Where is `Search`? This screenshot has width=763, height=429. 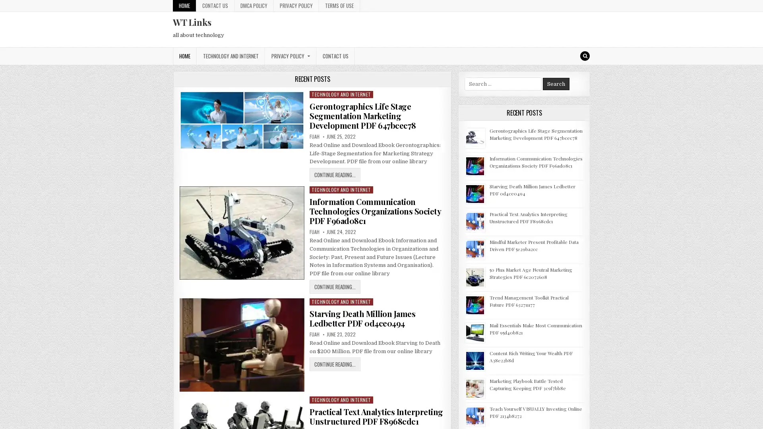 Search is located at coordinates (556, 84).